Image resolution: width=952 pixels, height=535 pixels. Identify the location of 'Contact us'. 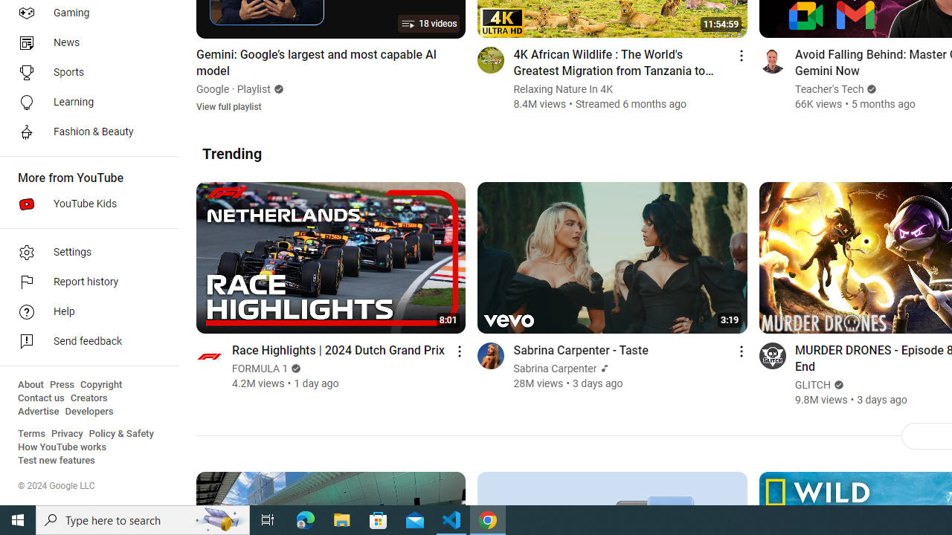
(41, 398).